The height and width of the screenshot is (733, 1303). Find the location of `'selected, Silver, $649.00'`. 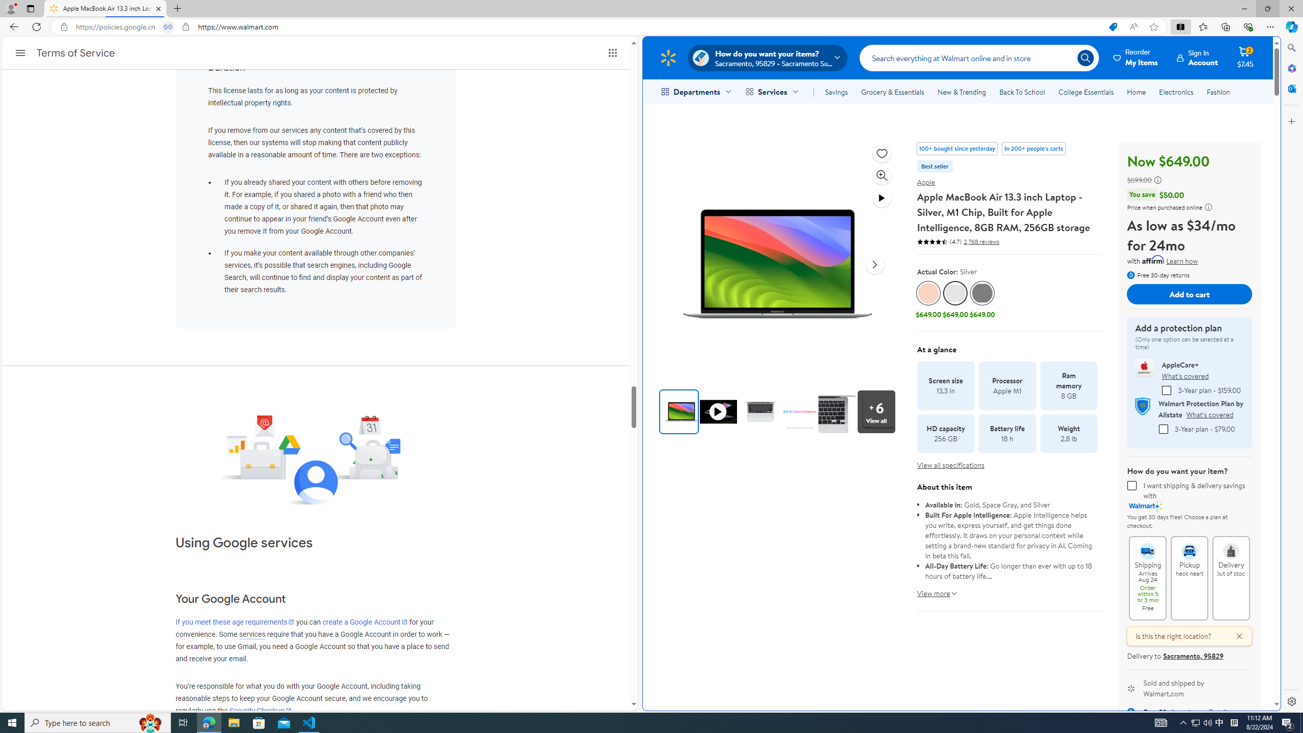

'selected, Silver, $649.00' is located at coordinates (955, 300).